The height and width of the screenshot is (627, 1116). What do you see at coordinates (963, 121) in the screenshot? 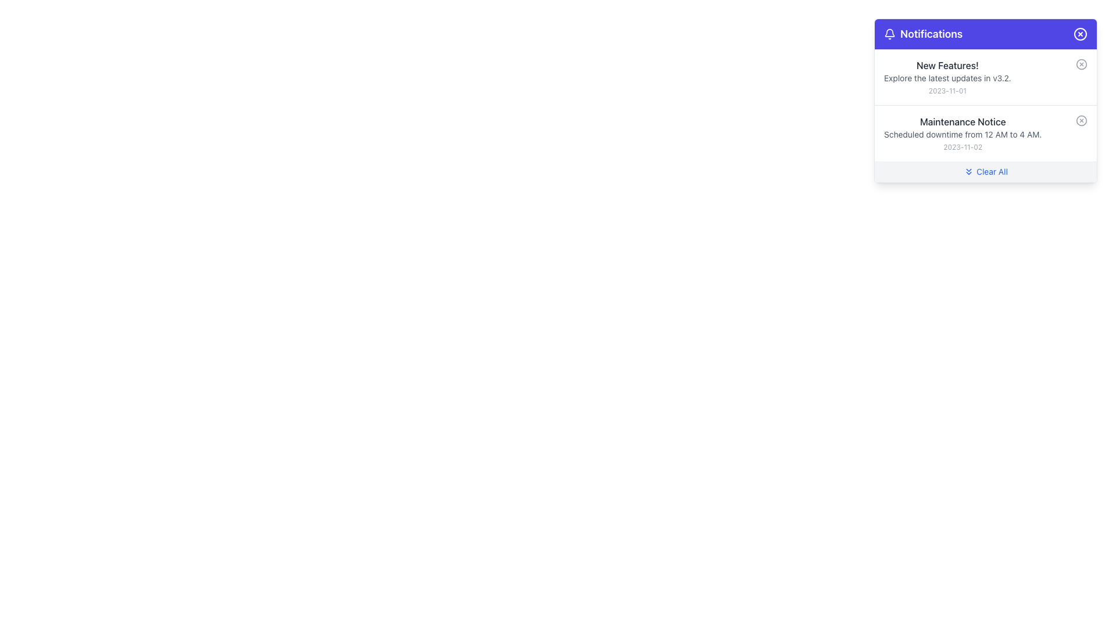
I see `and understand the text of the notification title located centrally within the notification card, above the description text 'Scheduled downtime from 12 AM to 4 AM.'` at bounding box center [963, 121].